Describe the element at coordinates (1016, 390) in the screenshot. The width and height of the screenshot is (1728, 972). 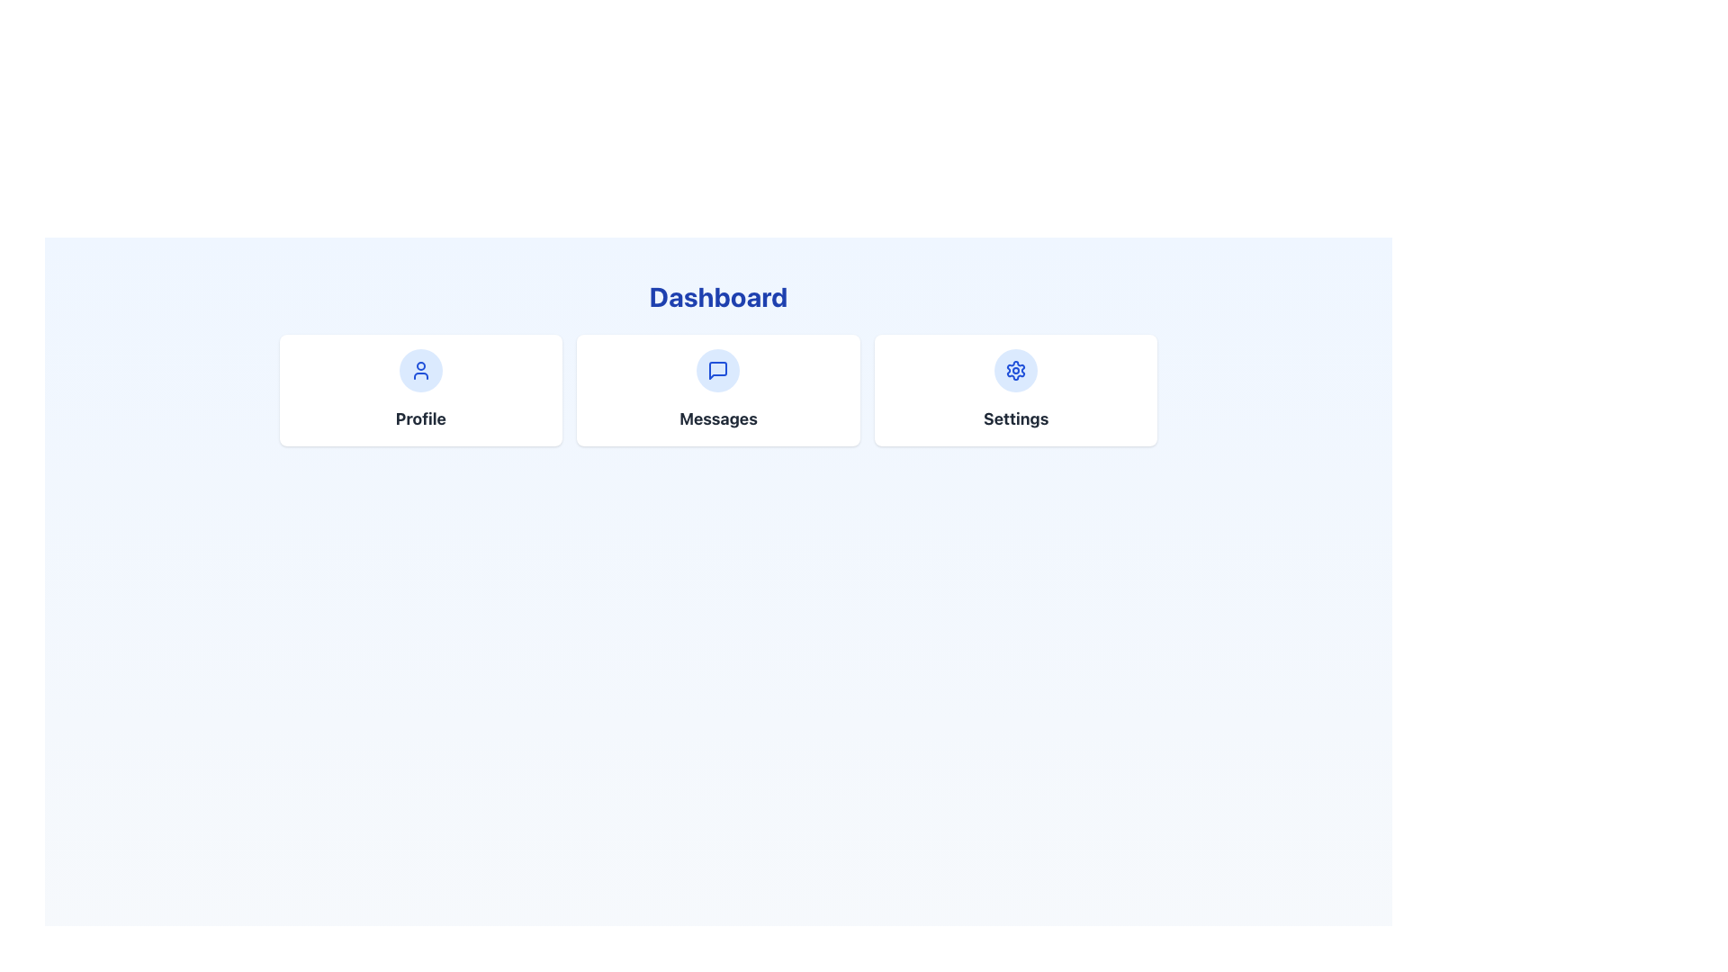
I see `the navigation button located in the rightmost section of the three-column grid layout` at that location.